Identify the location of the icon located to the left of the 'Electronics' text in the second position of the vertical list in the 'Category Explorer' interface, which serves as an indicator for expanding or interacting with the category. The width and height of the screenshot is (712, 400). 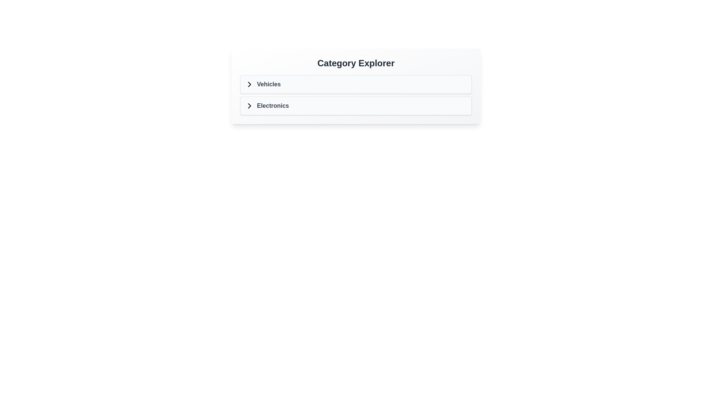
(249, 106).